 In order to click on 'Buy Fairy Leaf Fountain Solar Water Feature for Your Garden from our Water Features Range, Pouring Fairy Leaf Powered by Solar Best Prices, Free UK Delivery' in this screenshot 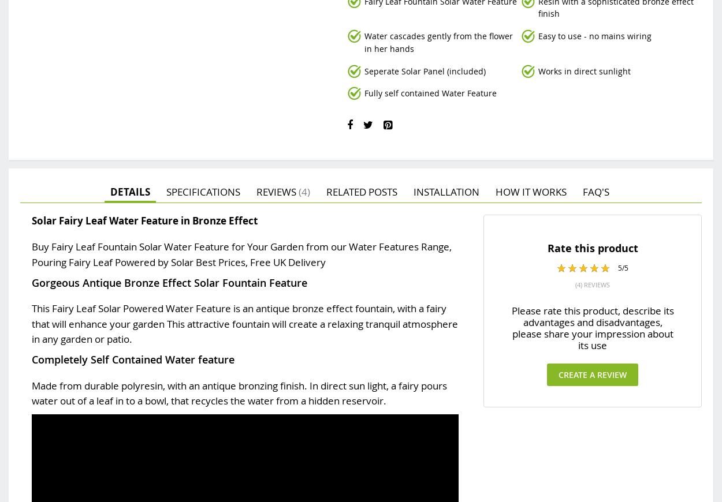, I will do `click(241, 253)`.